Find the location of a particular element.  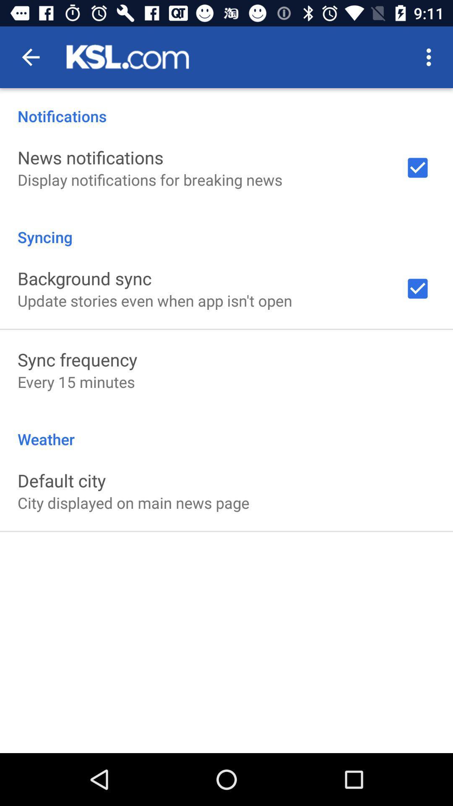

the city displayed on item is located at coordinates (133, 502).